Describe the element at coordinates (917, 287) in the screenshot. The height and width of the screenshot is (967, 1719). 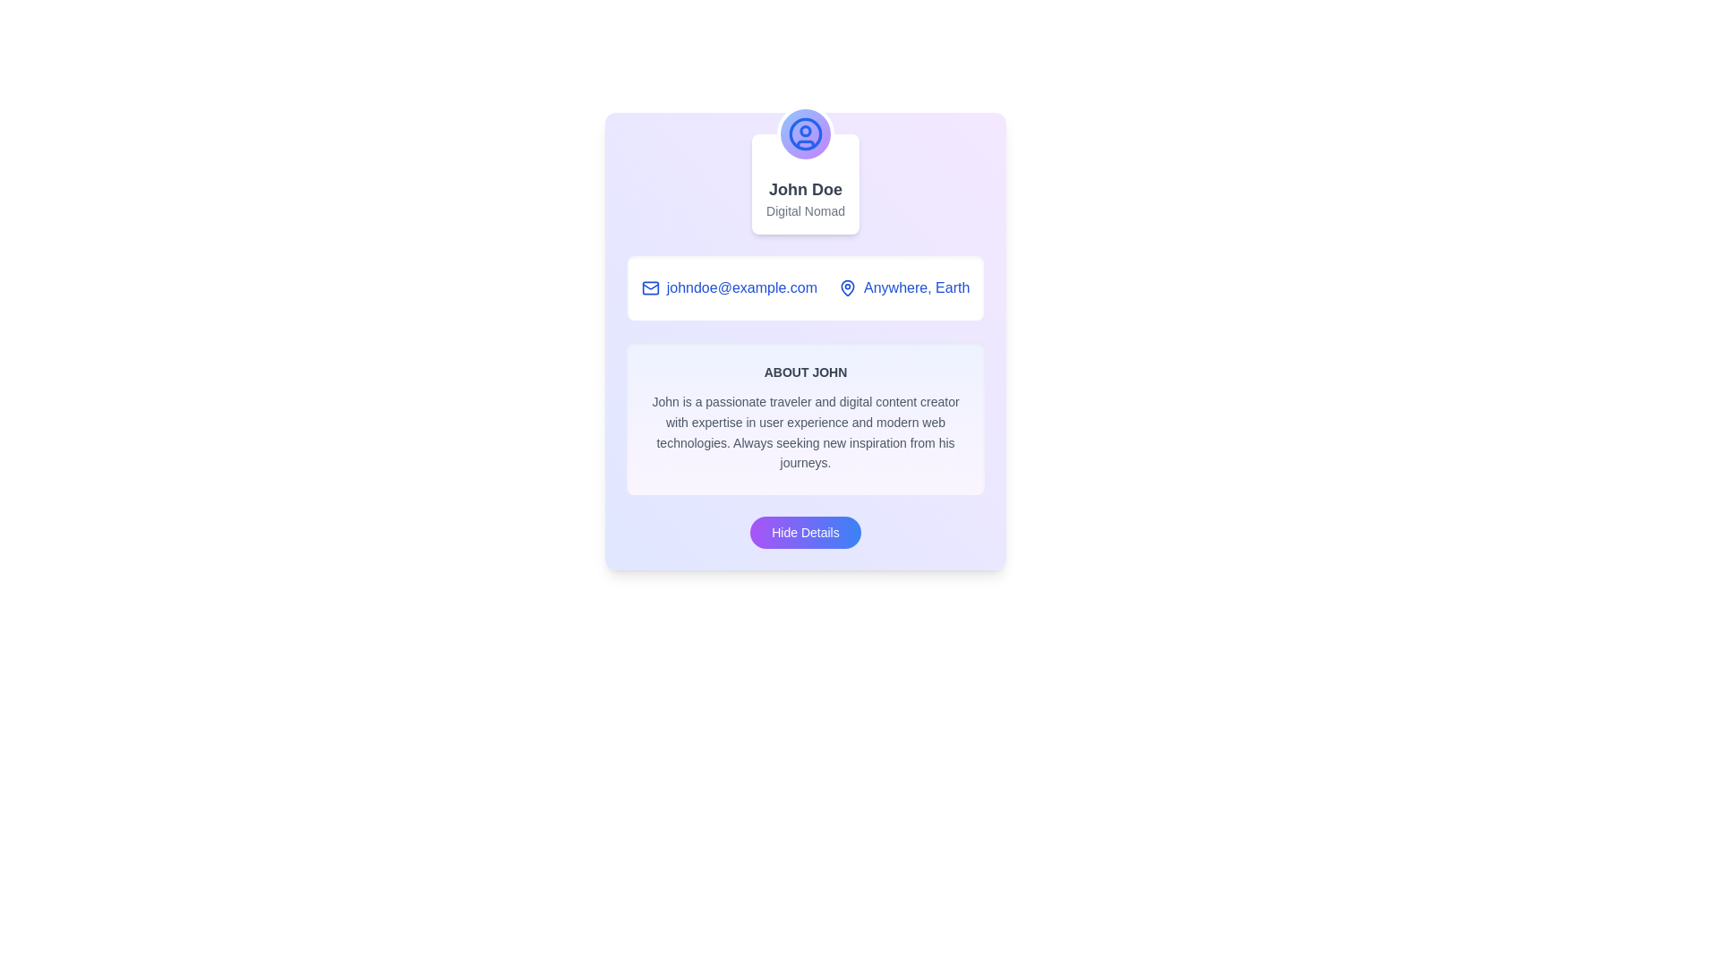
I see `the text label displaying 'Anywhere, Earth' in blue font, located to the right of a map pin icon, within the section for 'John Doe'` at that location.